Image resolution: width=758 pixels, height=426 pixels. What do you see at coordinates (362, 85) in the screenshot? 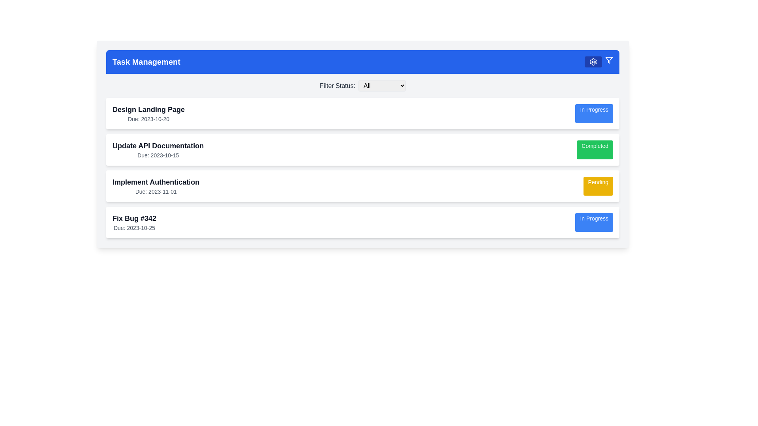
I see `an option from the 'Filter Status:' dropdown menu located below the 'Task Management' header, which currently shows 'All'` at bounding box center [362, 85].